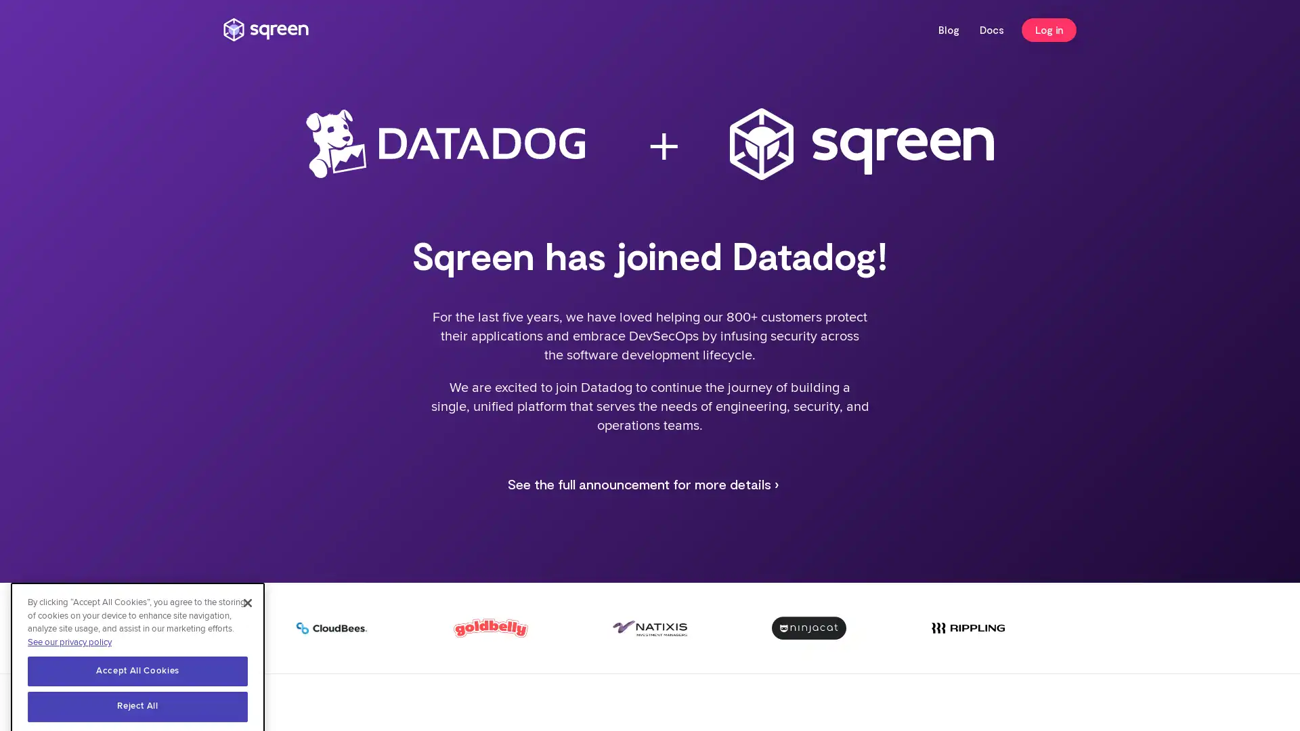 This screenshot has width=1300, height=731. I want to click on Reject All, so click(137, 680).